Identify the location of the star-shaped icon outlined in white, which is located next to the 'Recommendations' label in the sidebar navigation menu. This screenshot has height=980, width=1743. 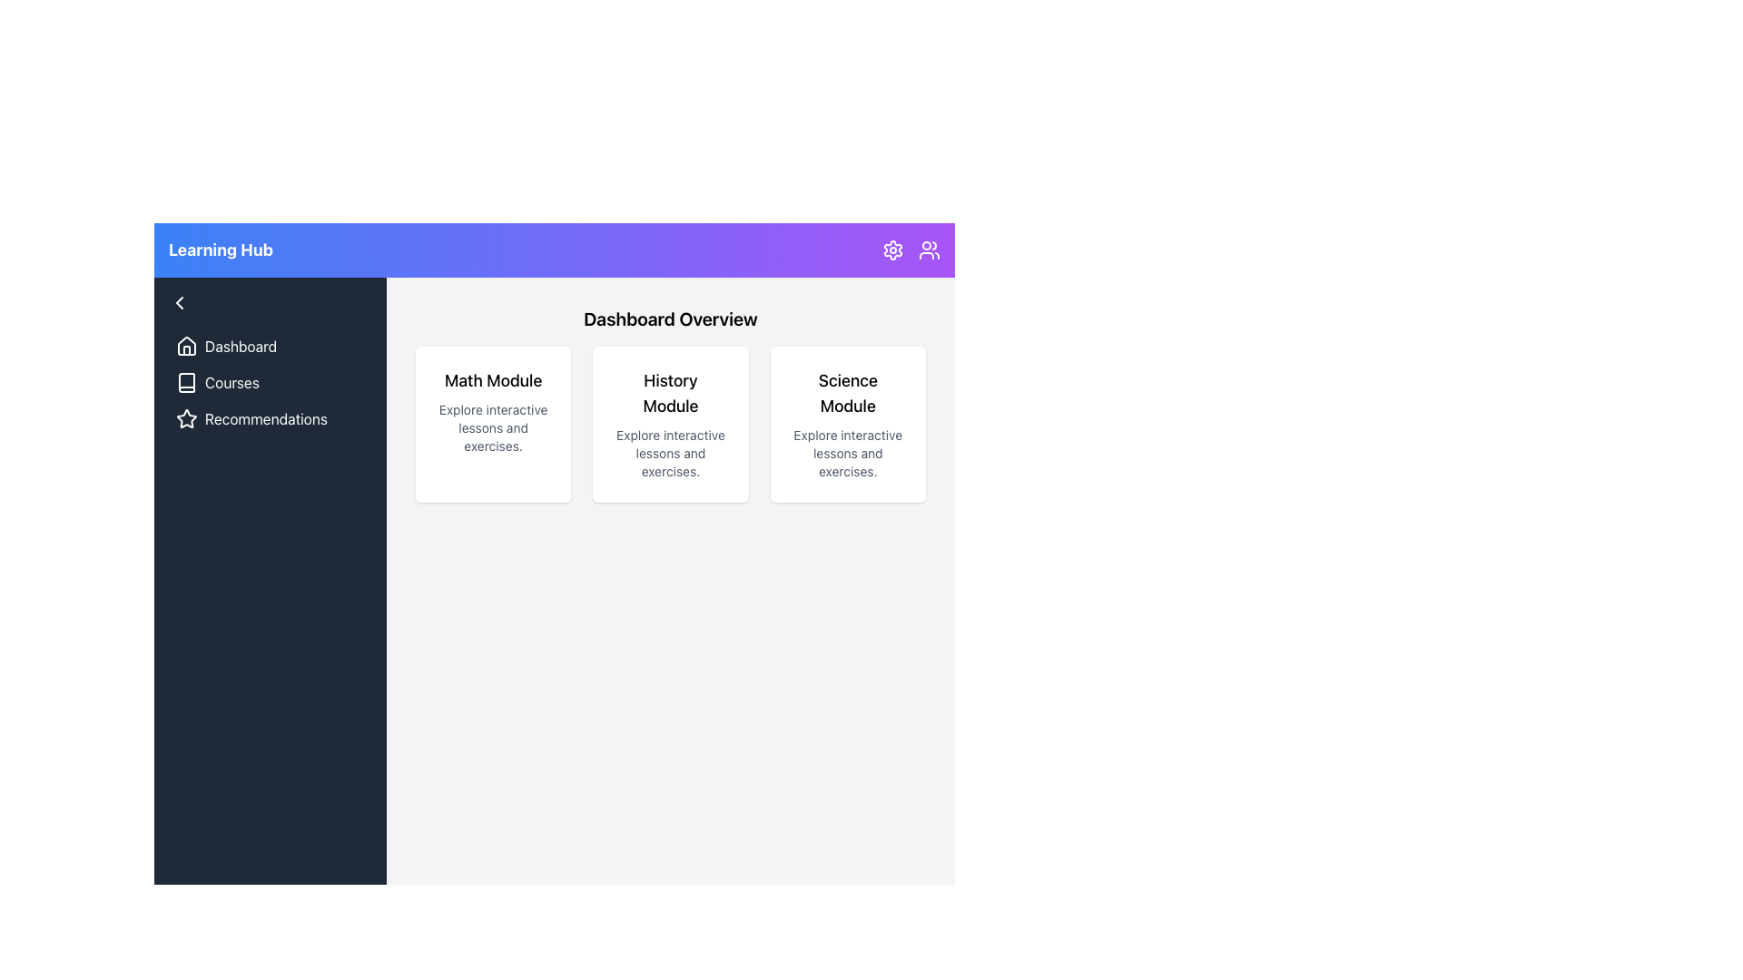
(187, 419).